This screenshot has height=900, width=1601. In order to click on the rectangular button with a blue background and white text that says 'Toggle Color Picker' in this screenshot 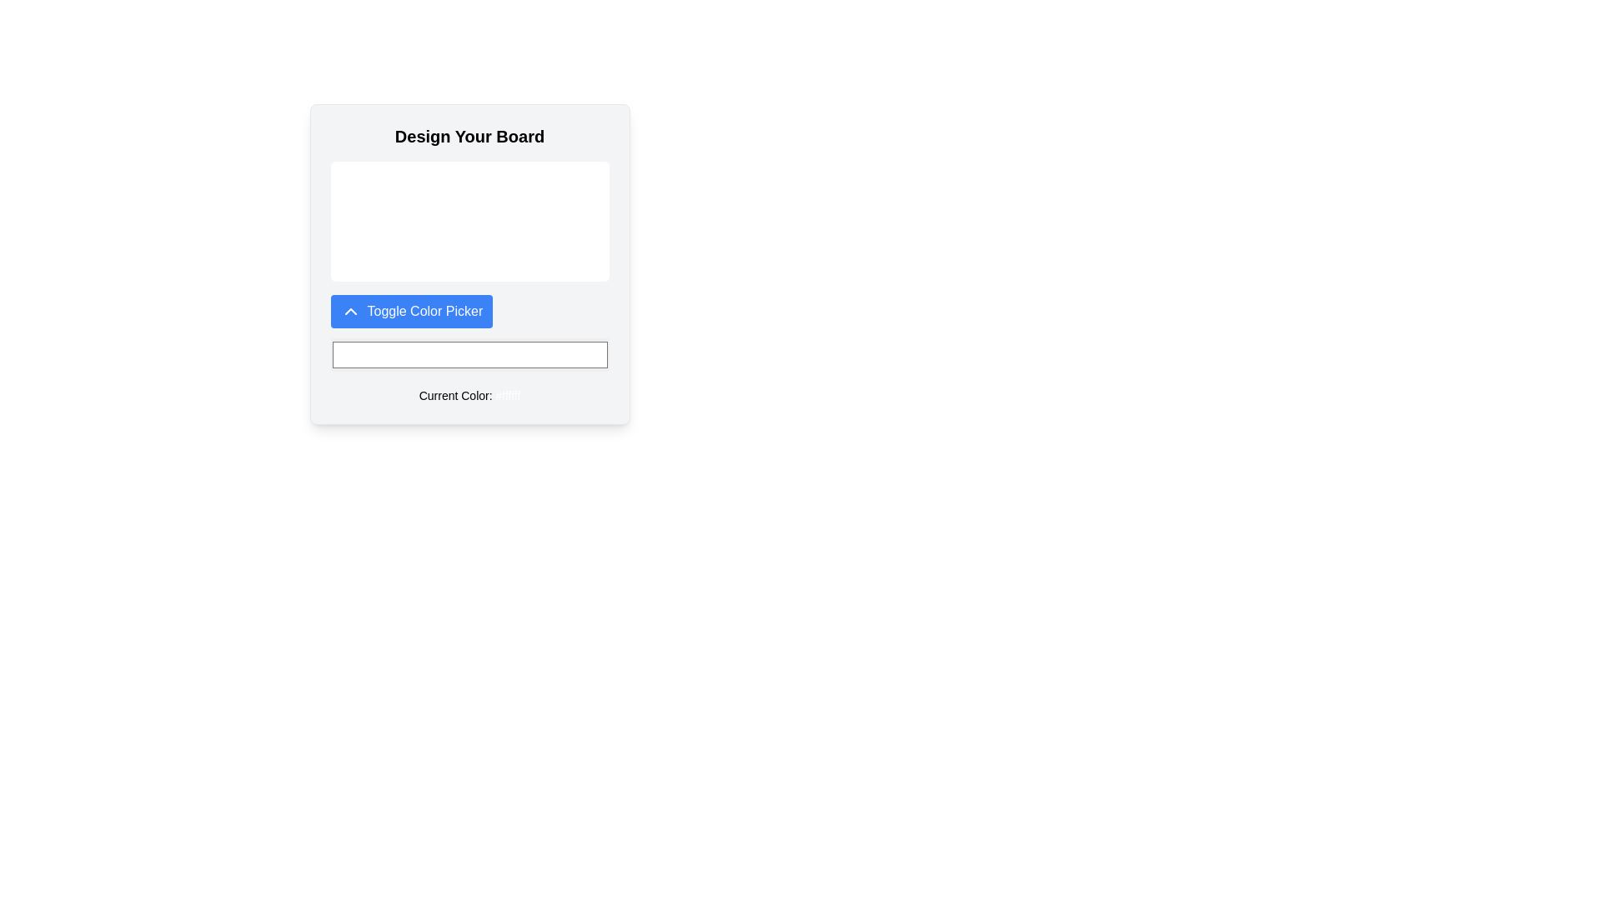, I will do `click(411, 312)`.